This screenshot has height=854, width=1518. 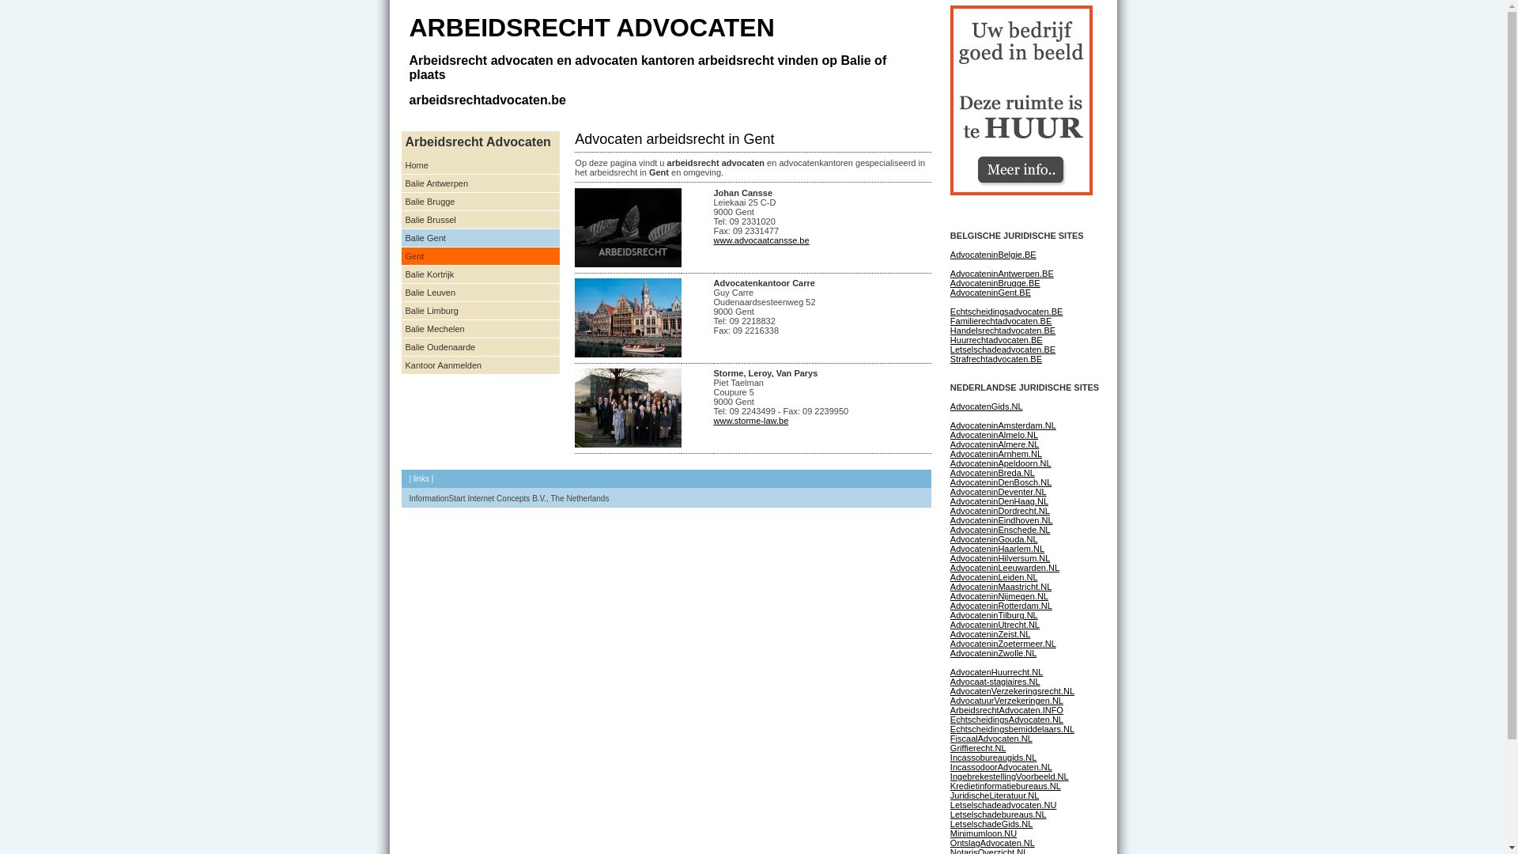 What do you see at coordinates (1006, 709) in the screenshot?
I see `'ArbeidsrechtAdvocaten.INFO'` at bounding box center [1006, 709].